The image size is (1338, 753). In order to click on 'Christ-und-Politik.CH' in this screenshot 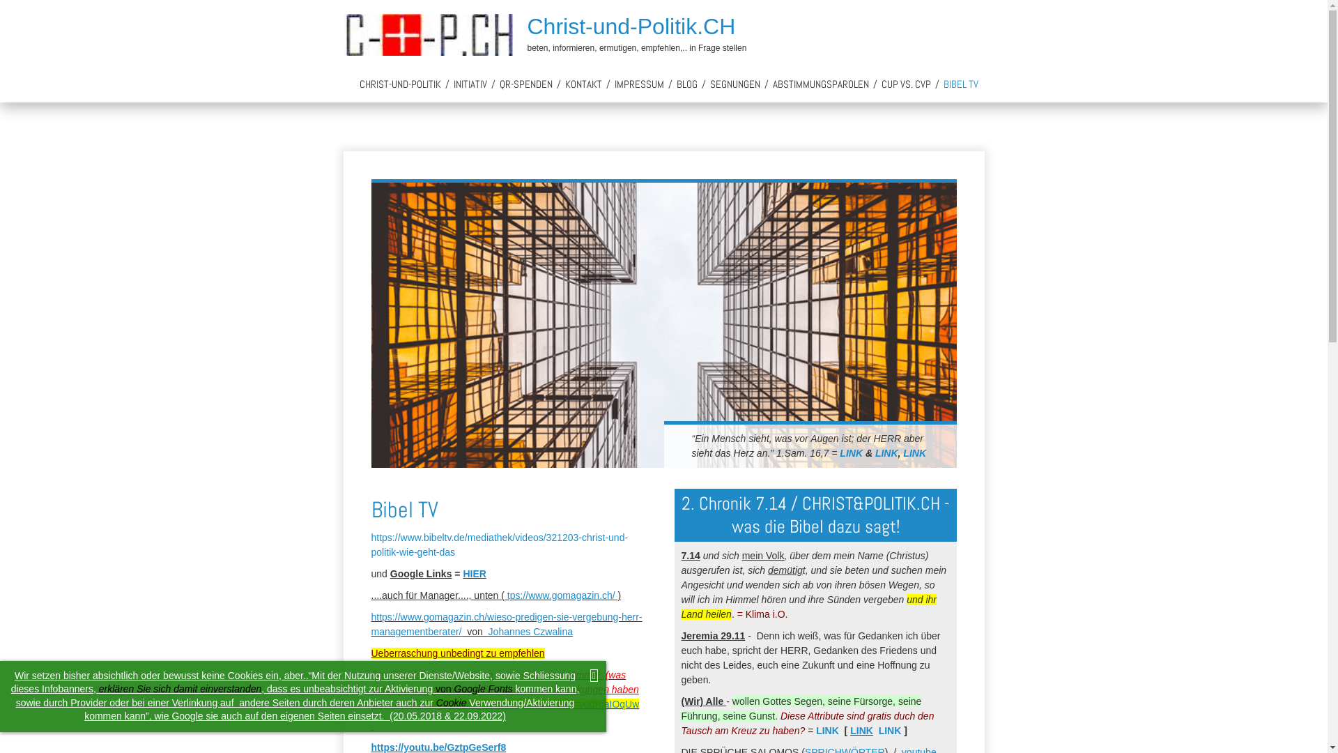, I will do `click(630, 26)`.